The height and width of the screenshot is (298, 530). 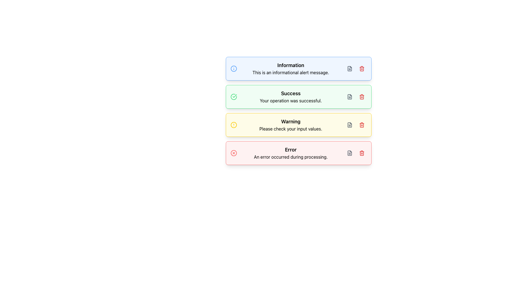 I want to click on the text label displaying 'Warning' in a bold font, which is located at the center of a yellow alert box, the third in a vertical stack of four alert boxes, so click(x=290, y=121).